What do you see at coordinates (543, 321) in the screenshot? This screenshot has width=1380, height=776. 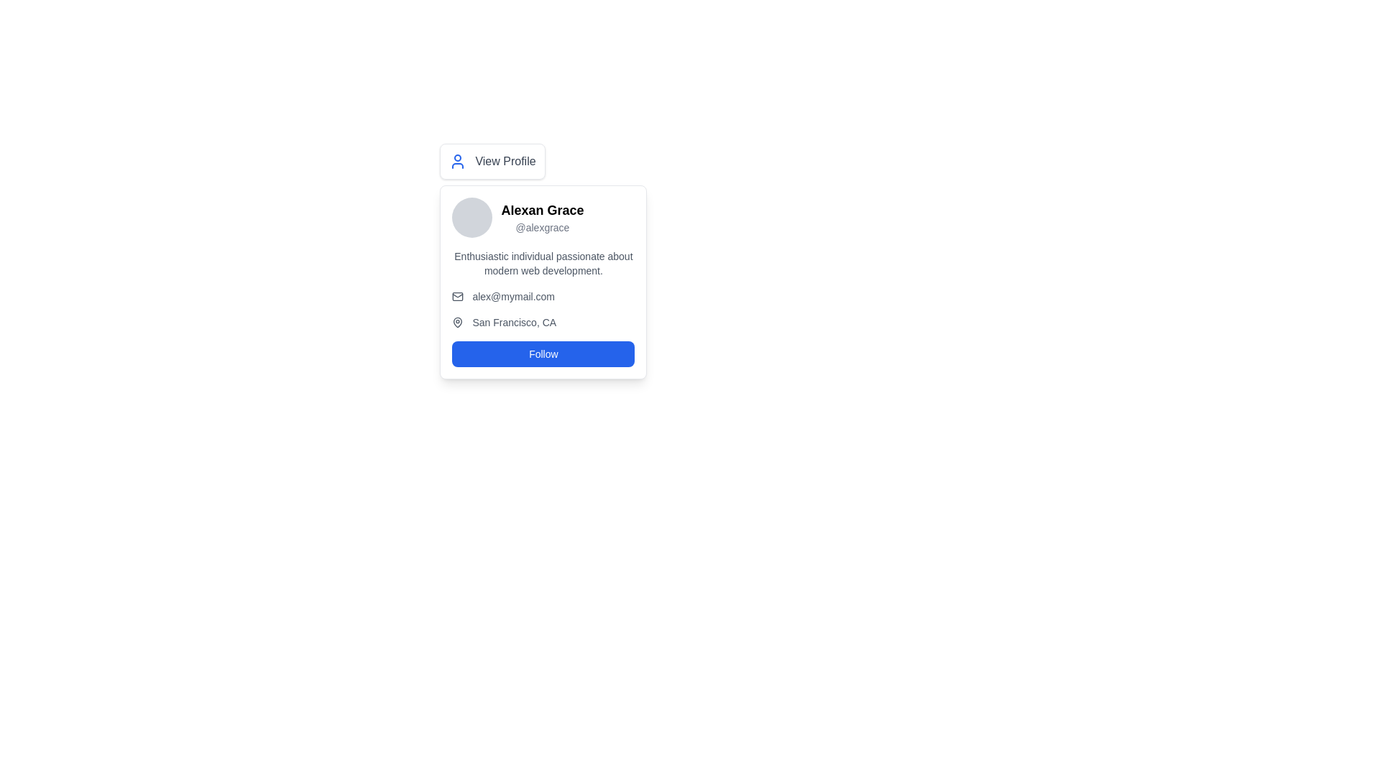 I see `the text element displaying the user's location, which is positioned above the 'Follow' button in the user profile card` at bounding box center [543, 321].